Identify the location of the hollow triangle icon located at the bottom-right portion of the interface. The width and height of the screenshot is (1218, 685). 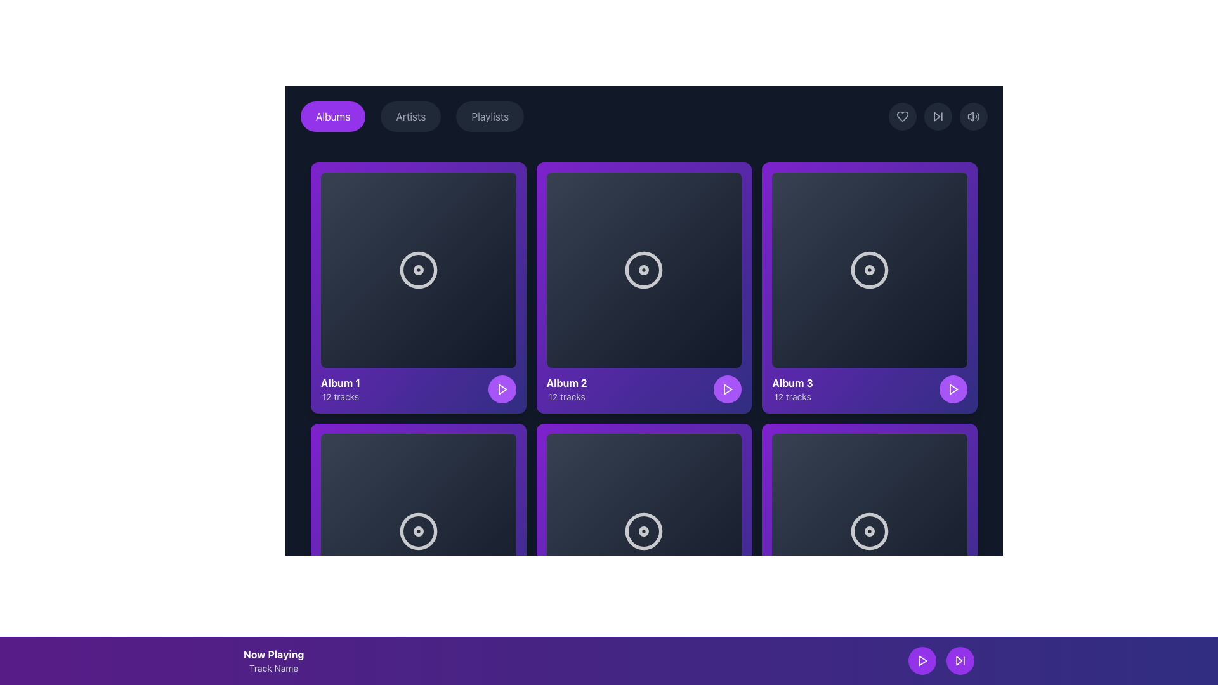
(959, 660).